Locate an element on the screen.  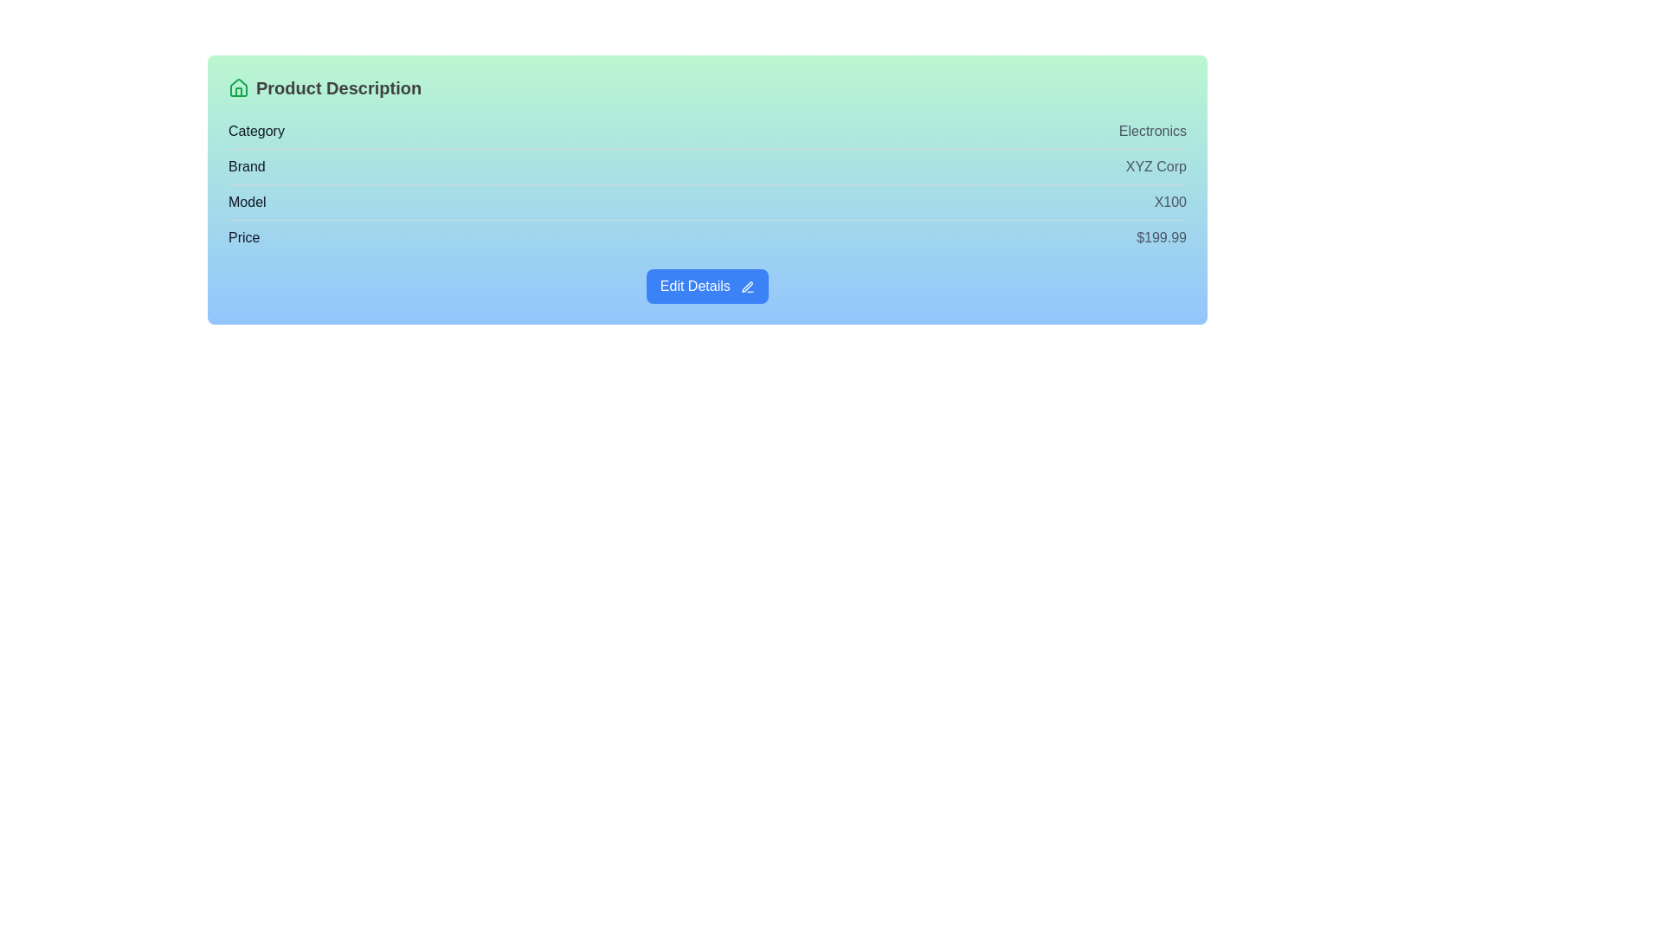
the 'Brand' text label, which displays 'Brand' in medium-weight dark gray font on a light blue gradient background, located under the 'Product Description' header is located at coordinates (246, 166).